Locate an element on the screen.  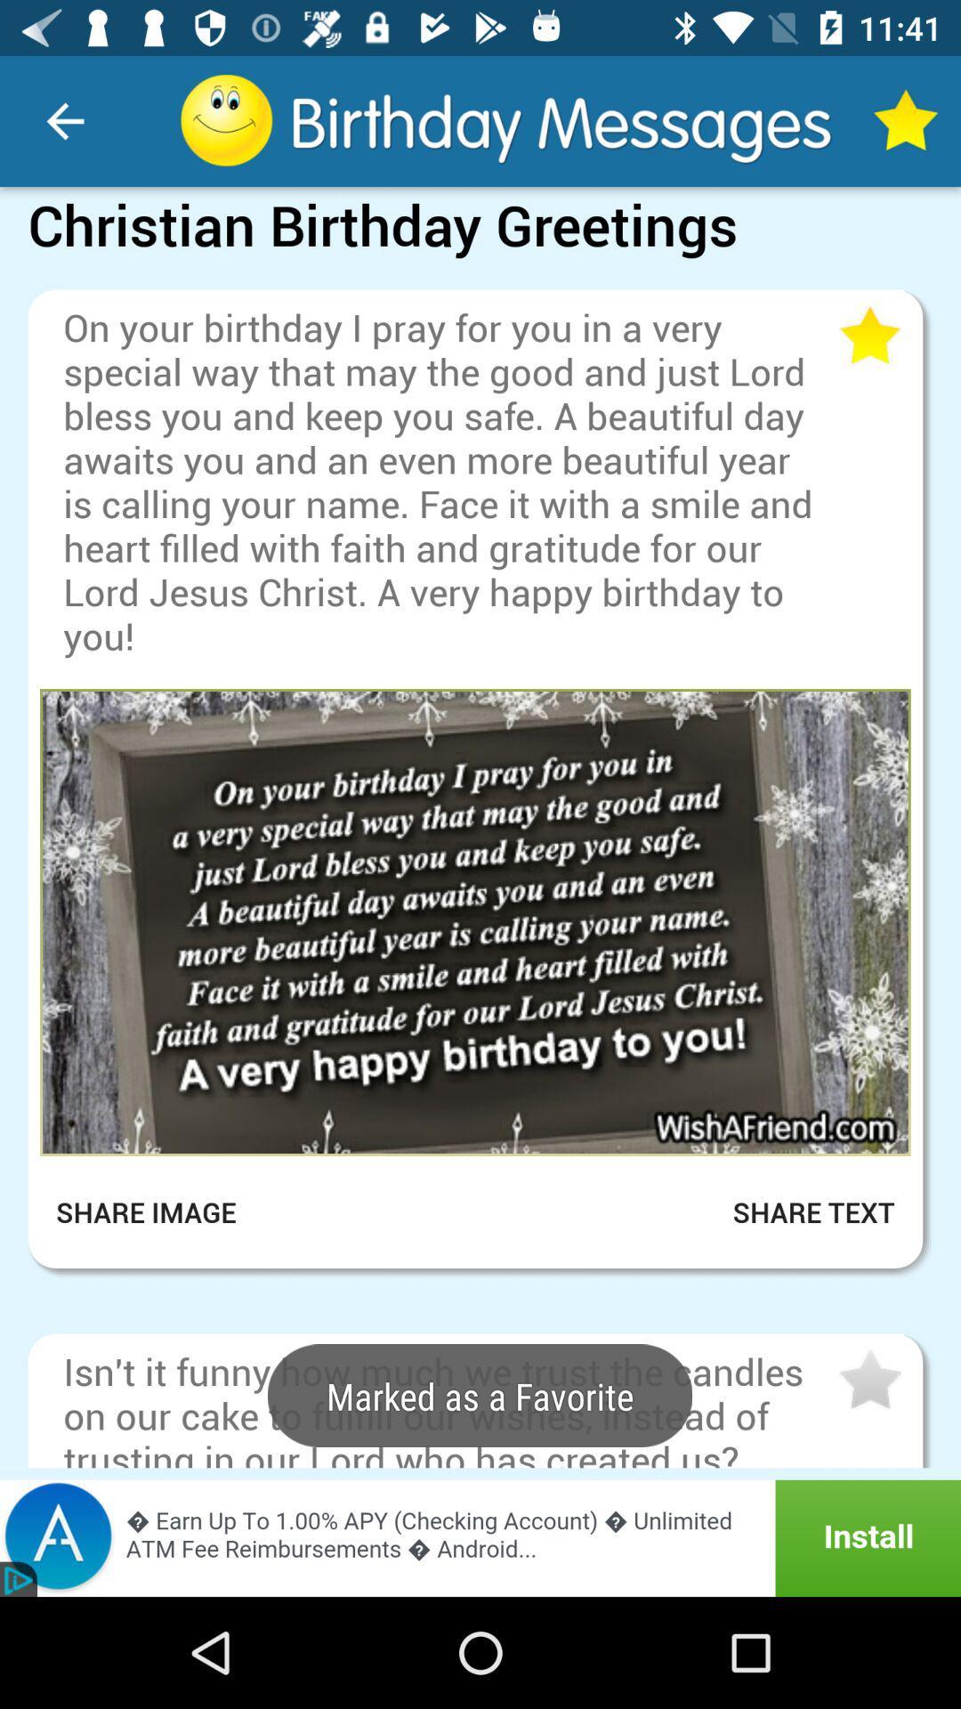
item below the isn t it item is located at coordinates (480, 1537).